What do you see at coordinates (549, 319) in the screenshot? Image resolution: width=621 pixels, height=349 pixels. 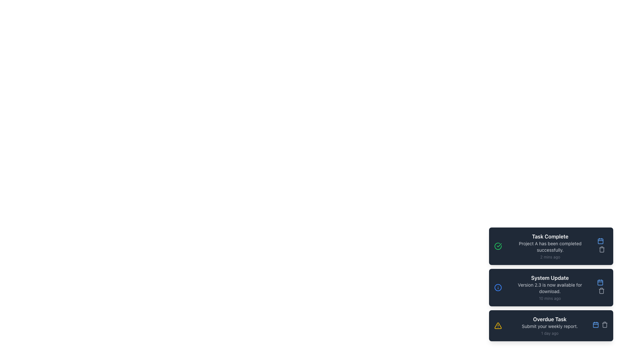 I see `the main title text label of the third notification block, which summarizes the nature of the notification and is located above the smaller text 'Submit your weekly report.'` at bounding box center [549, 319].